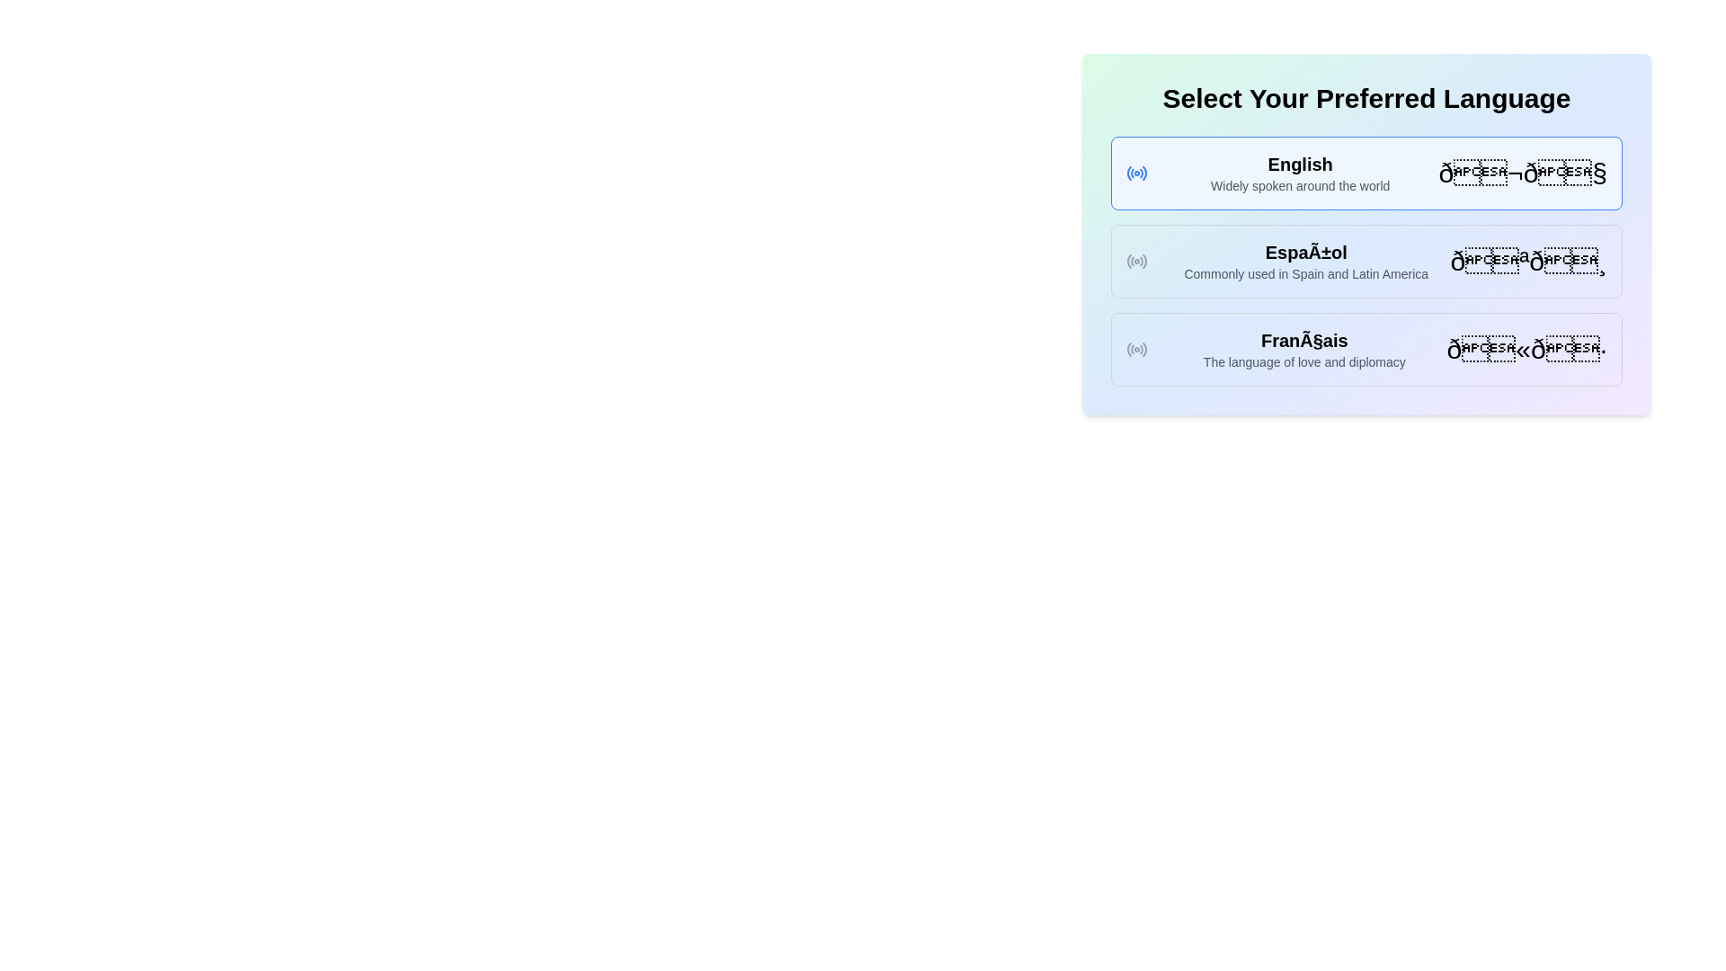 The height and width of the screenshot is (971, 1726). I want to click on text from the text label displaying 'EspaÃ±ol', which is prominently styled in a large, bold font at the top of a group of similar elements, so click(1306, 253).